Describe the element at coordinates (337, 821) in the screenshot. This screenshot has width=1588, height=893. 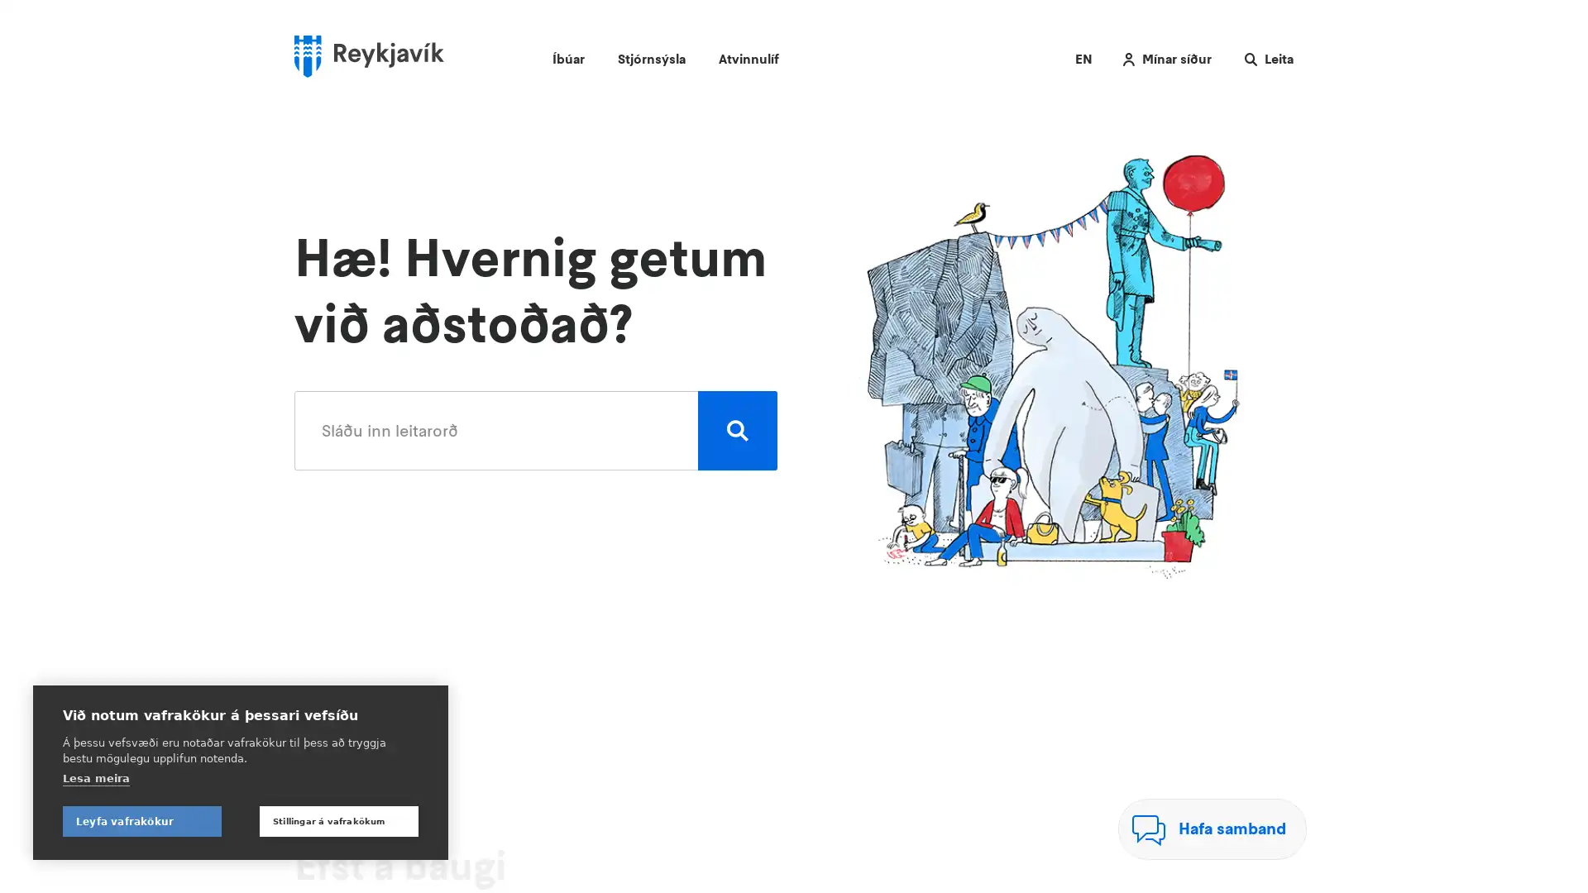
I see `Stillingar a vafrakokum` at that location.